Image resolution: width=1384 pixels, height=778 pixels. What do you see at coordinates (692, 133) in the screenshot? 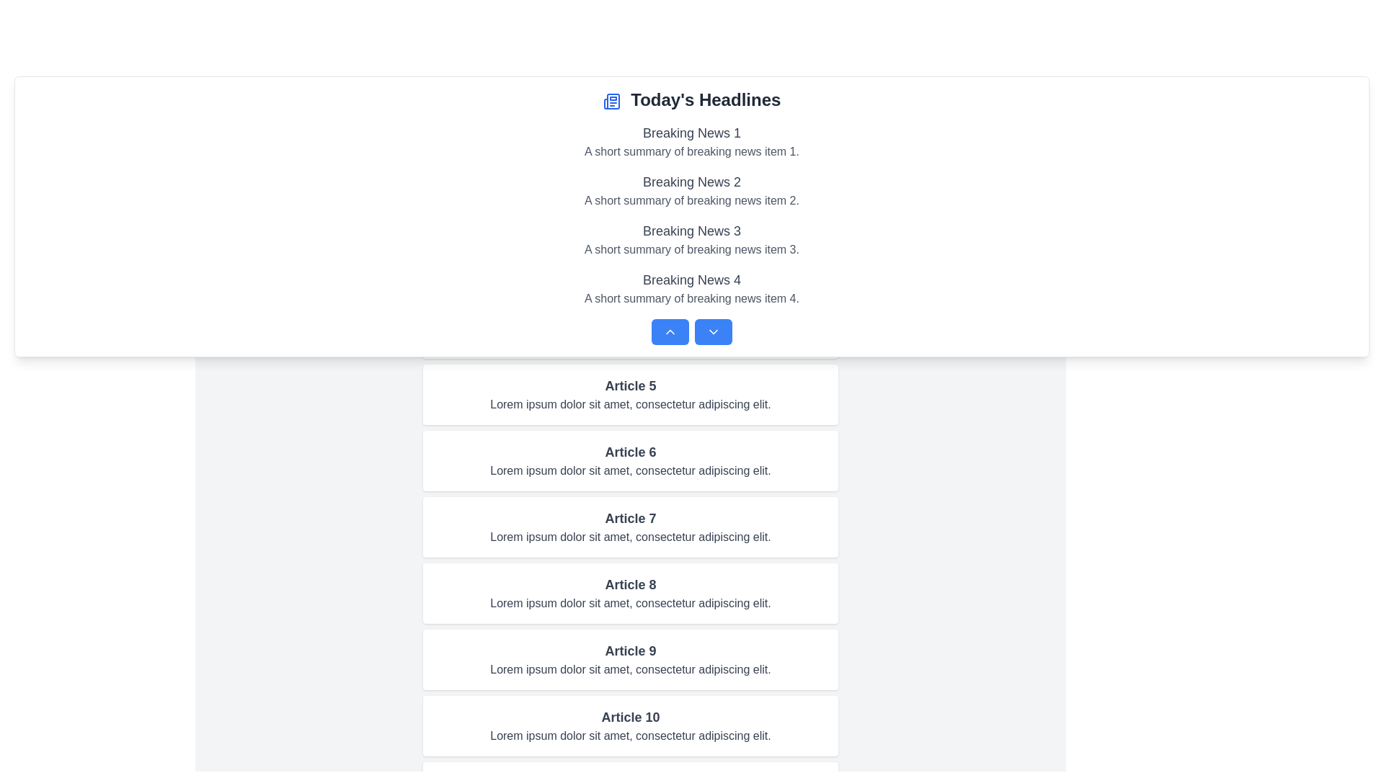
I see `the text label that reads 'Breaking News 1'` at bounding box center [692, 133].